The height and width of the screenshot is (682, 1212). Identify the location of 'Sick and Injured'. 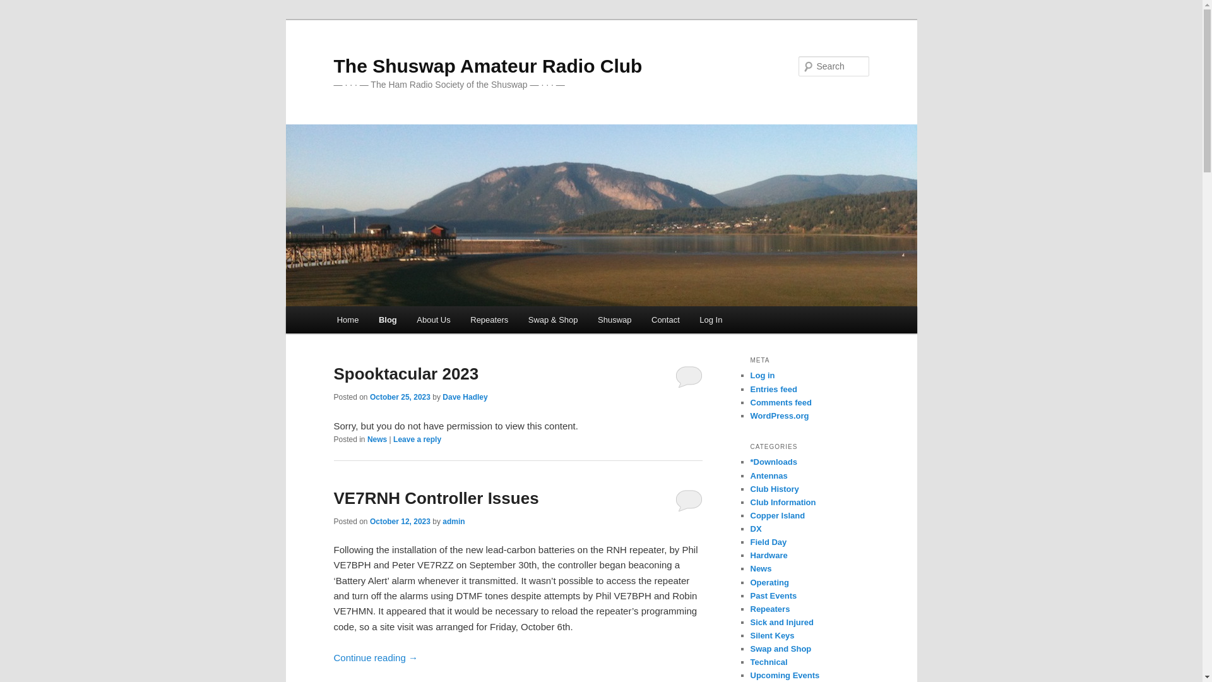
(781, 621).